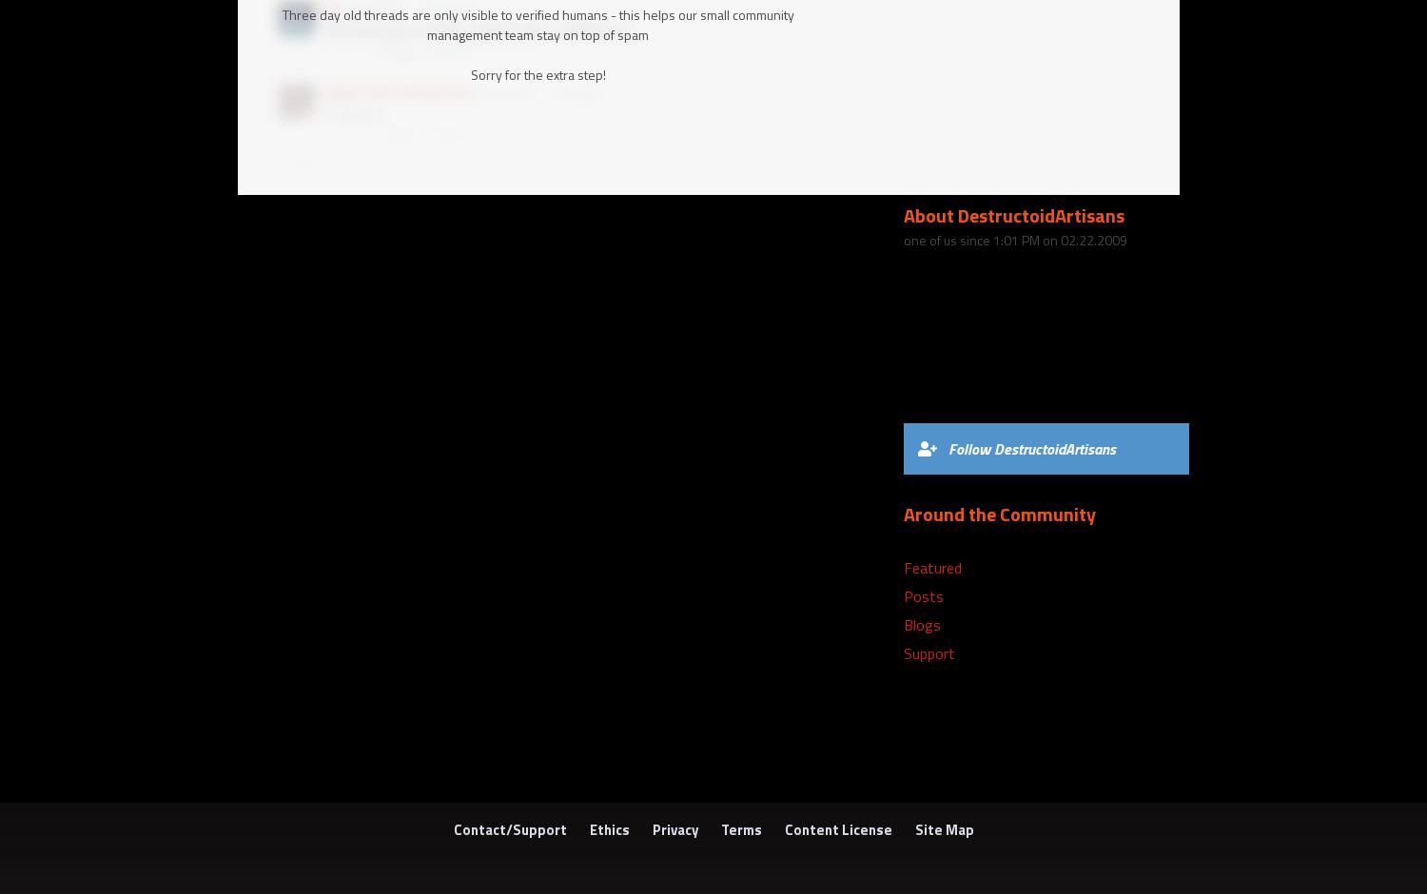  What do you see at coordinates (921, 624) in the screenshot?
I see `'Blogs'` at bounding box center [921, 624].